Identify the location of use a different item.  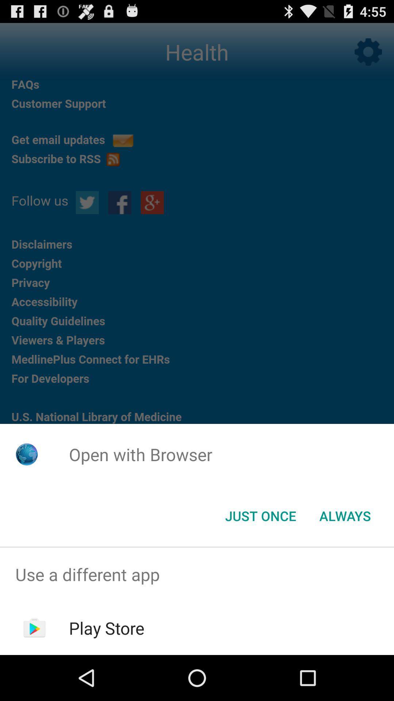
(197, 574).